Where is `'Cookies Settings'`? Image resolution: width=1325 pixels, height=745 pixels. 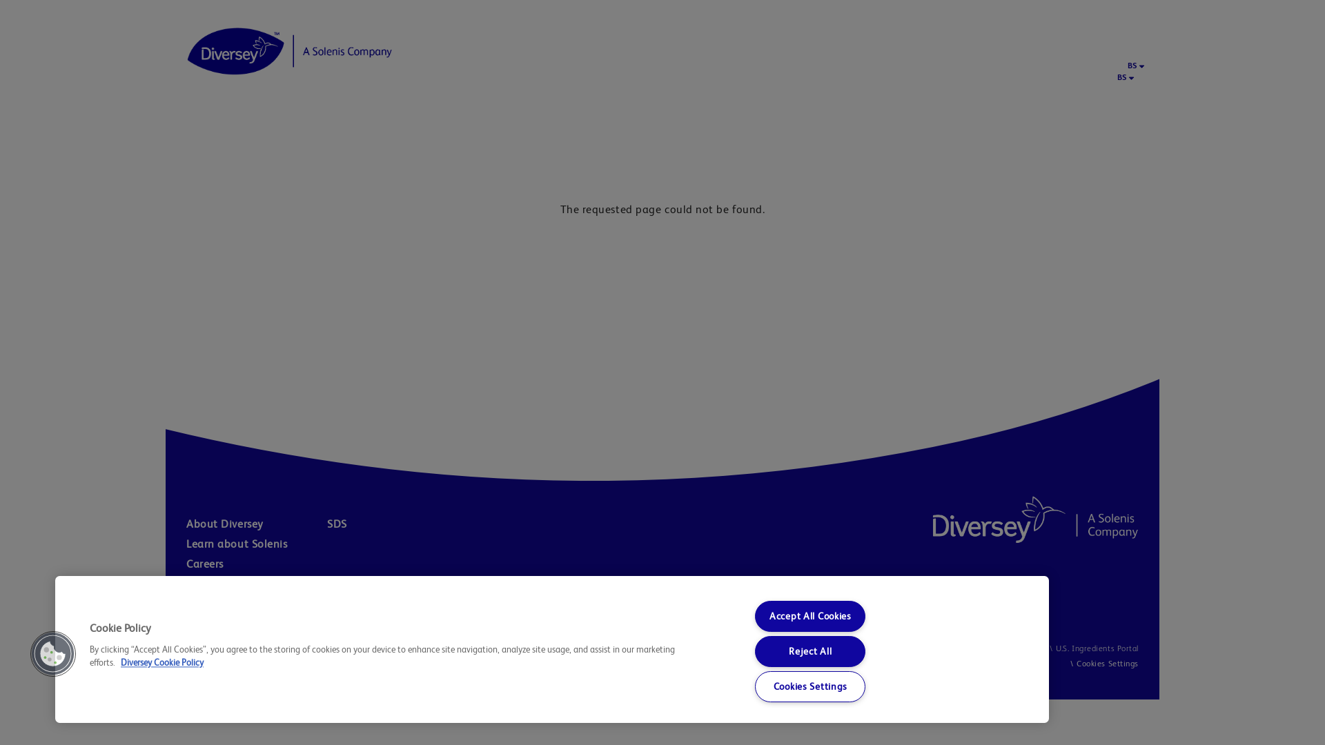 'Cookies Settings' is located at coordinates (1107, 662).